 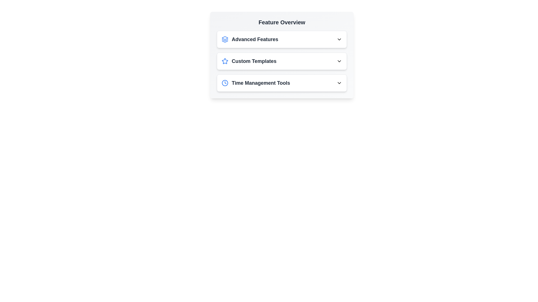 I want to click on the icon of the feature titled Advanced Features, so click(x=225, y=39).